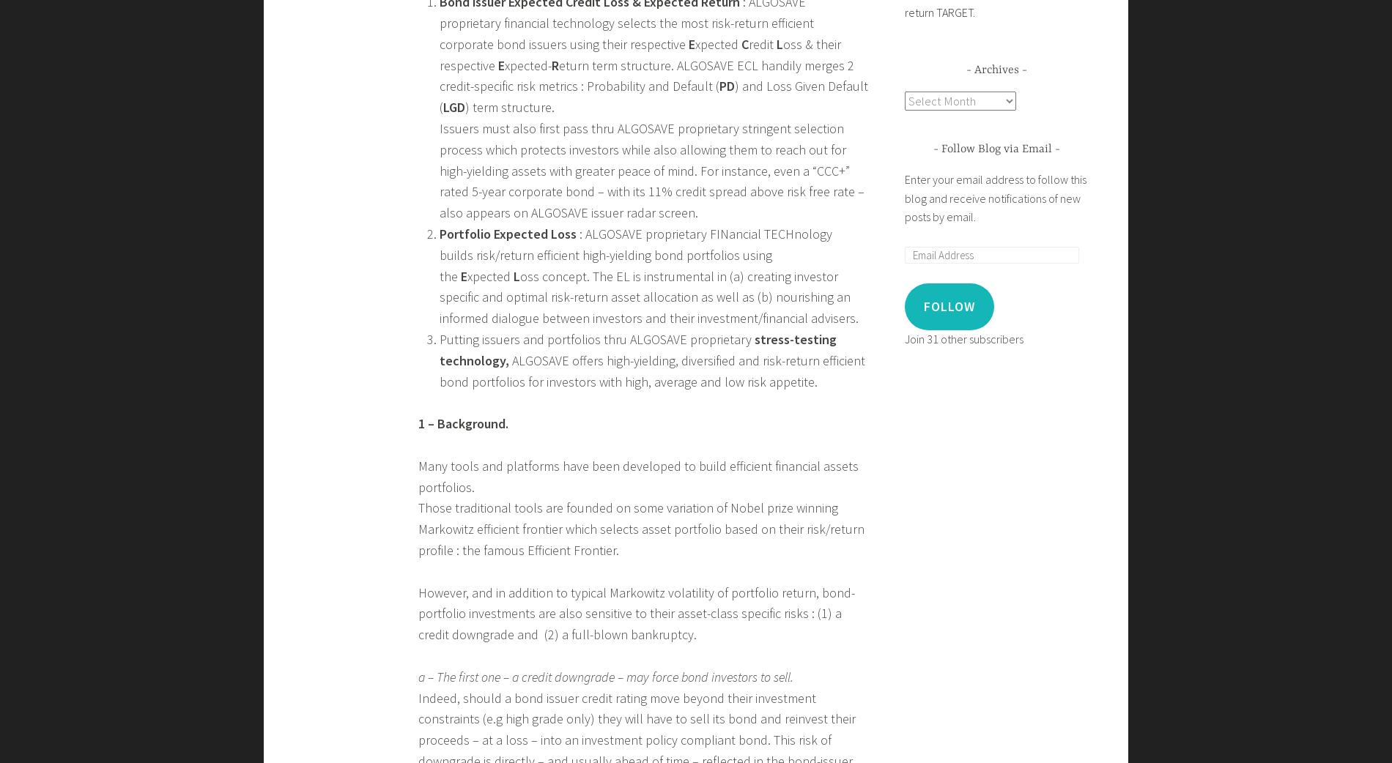 The height and width of the screenshot is (763, 1392). I want to click on 'eturn term structure. ALGOSAVE ECL handily merges 2 credit-specific risk metrics : Probability and Default (', so click(645, 75).